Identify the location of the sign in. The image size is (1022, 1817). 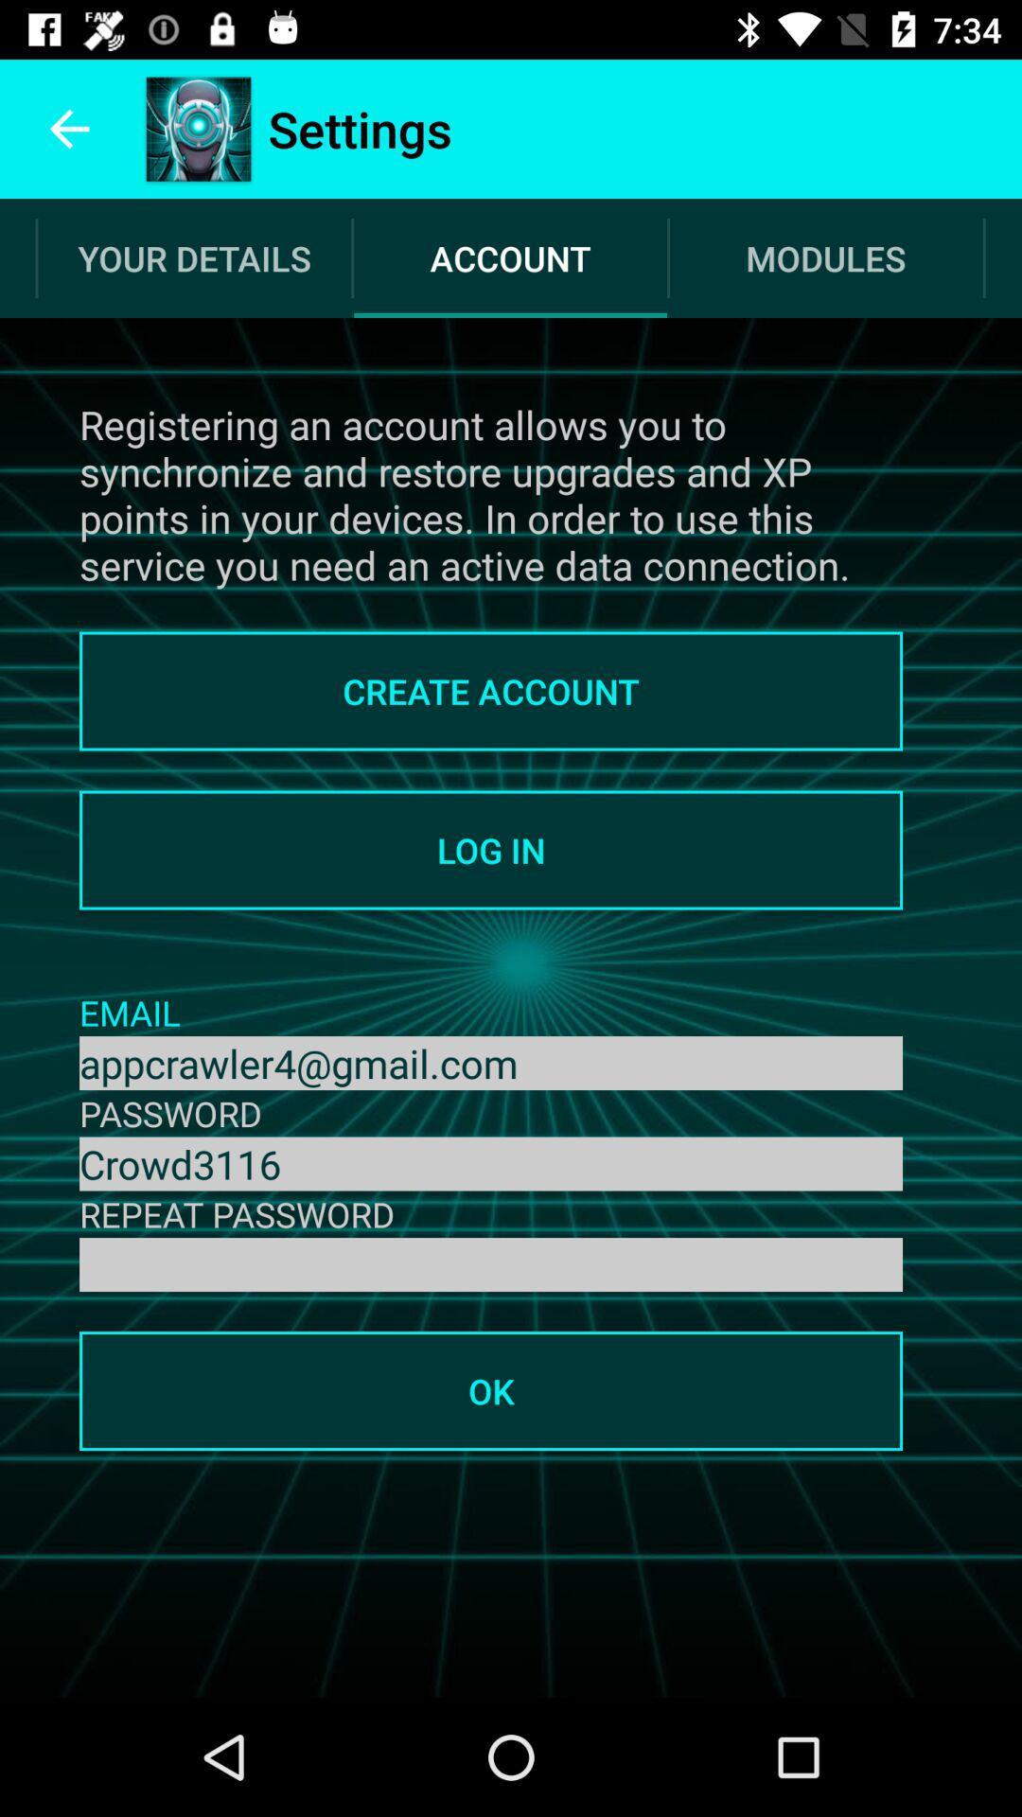
(490, 1264).